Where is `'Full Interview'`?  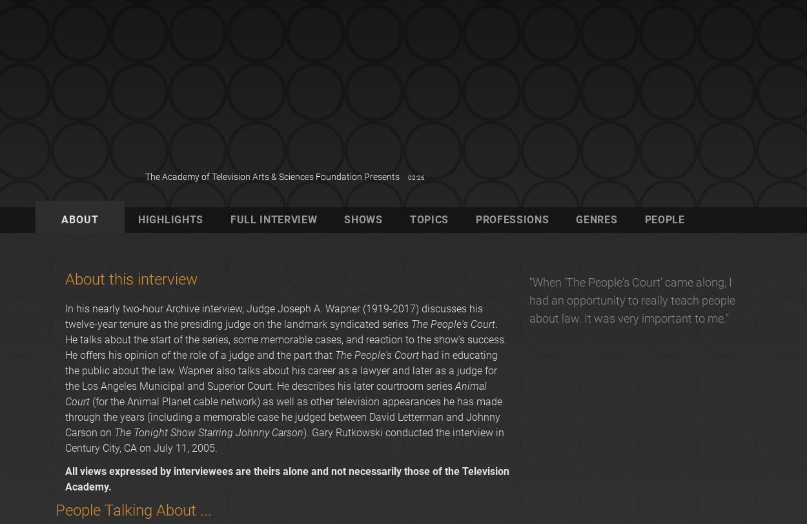 'Full Interview' is located at coordinates (273, 219).